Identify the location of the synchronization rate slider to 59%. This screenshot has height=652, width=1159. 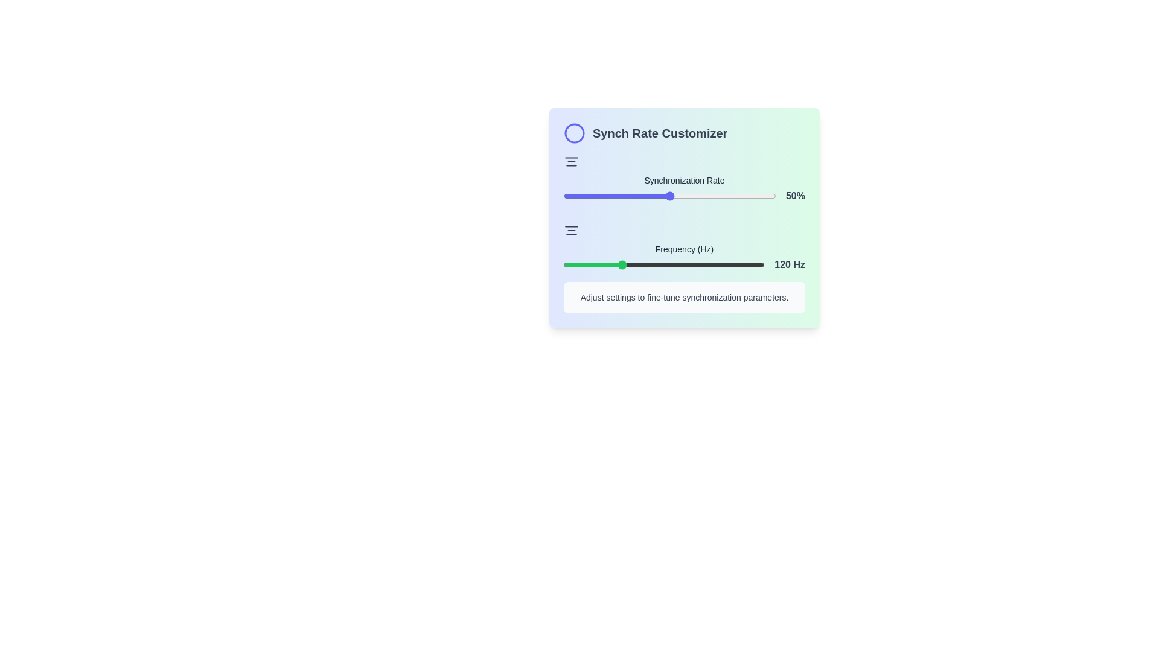
(689, 195).